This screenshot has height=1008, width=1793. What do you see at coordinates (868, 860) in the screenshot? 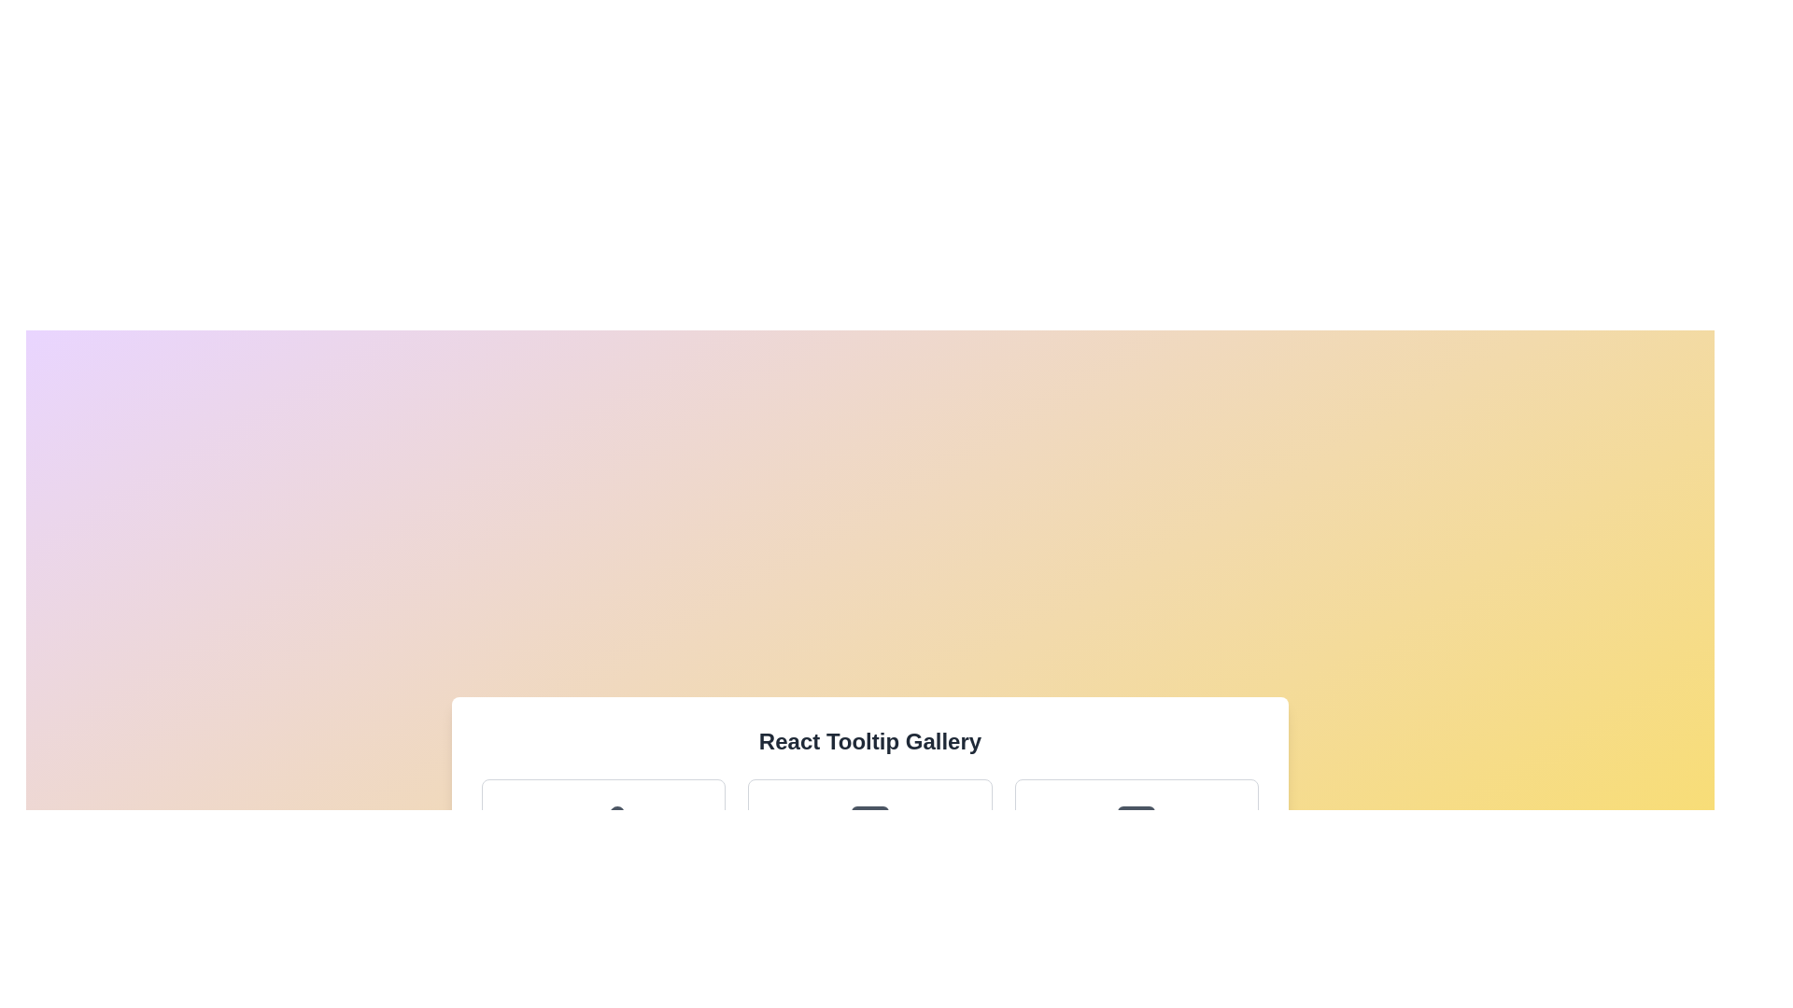
I see `the 'Adventures' card in the center of the grid` at bounding box center [868, 860].